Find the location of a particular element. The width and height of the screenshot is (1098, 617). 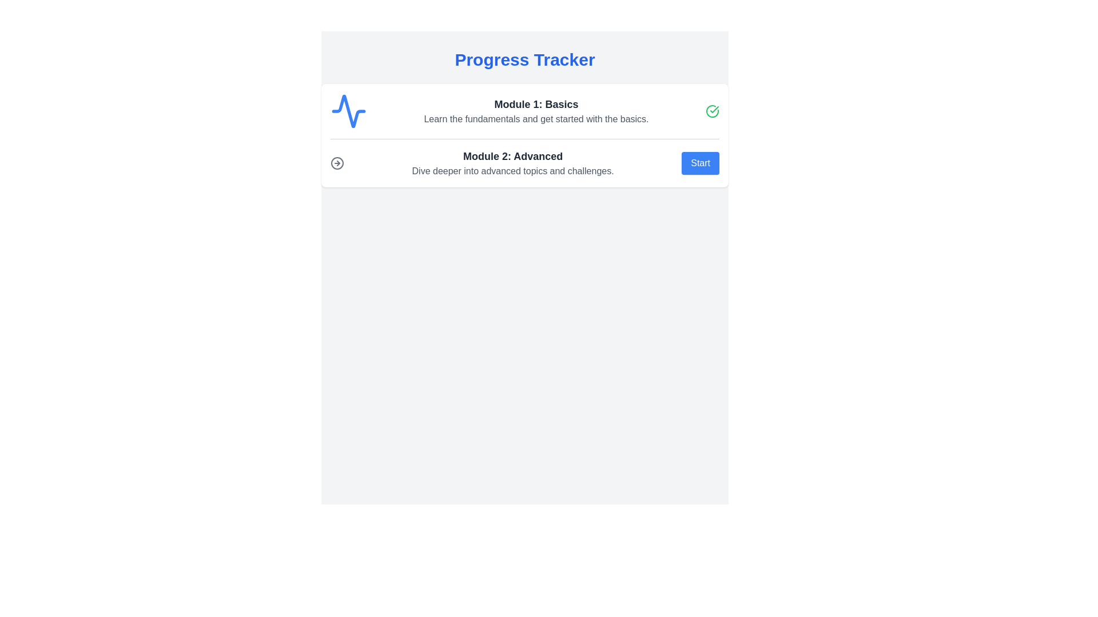

the 'Start' button with a blue background and bold white text is located at coordinates (700, 163).